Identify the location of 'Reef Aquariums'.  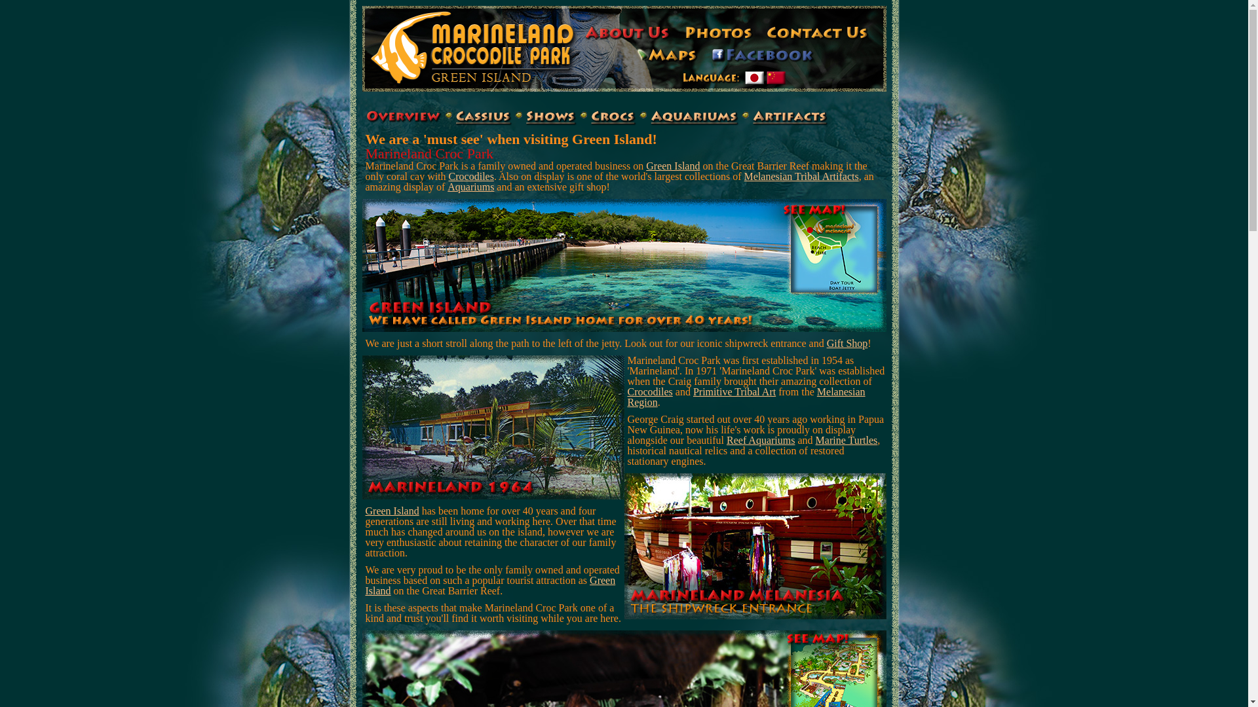
(761, 440).